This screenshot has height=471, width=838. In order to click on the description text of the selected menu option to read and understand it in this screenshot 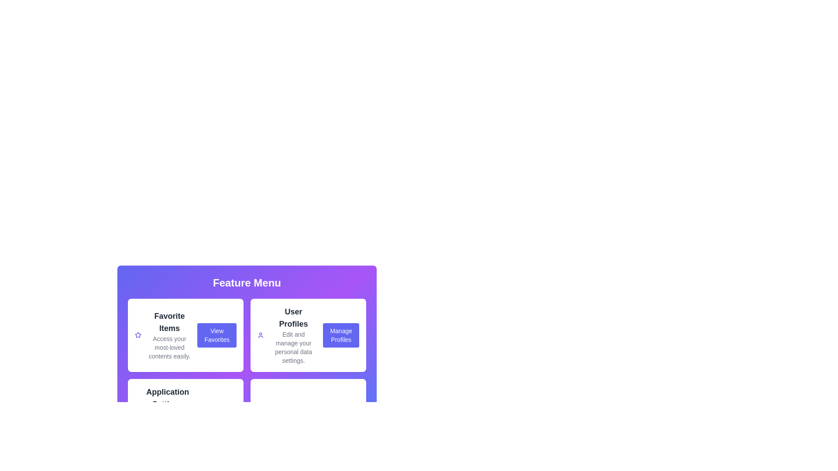, I will do `click(169, 334)`.